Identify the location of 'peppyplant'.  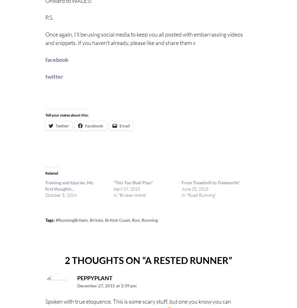
(94, 277).